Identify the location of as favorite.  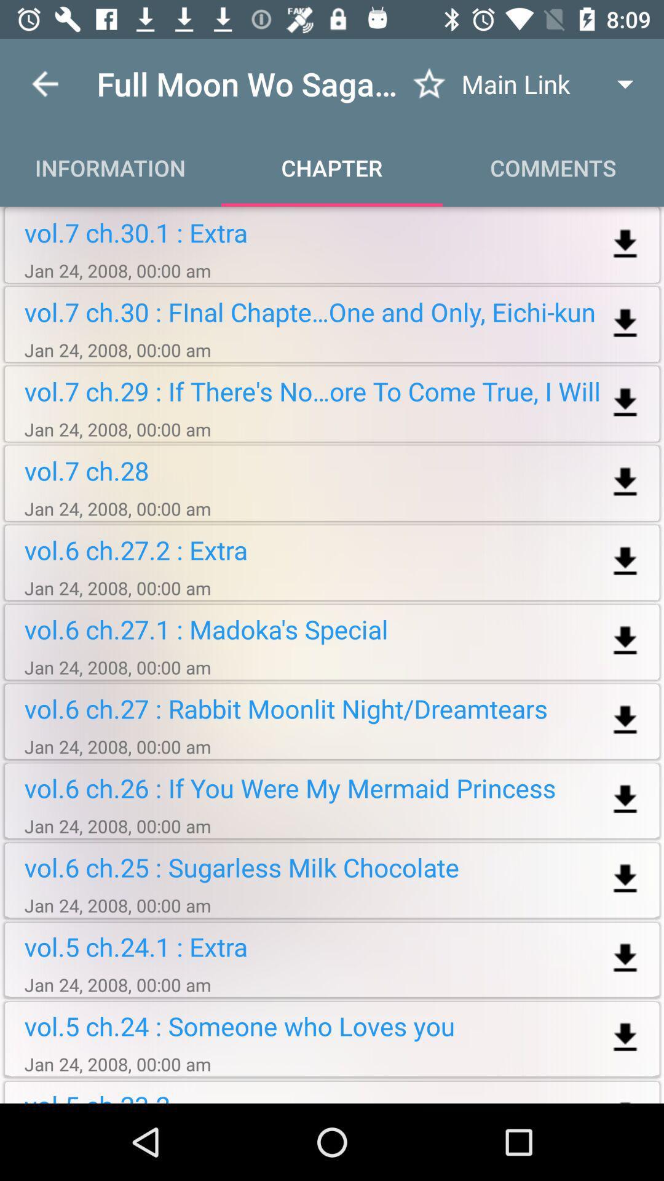
(429, 83).